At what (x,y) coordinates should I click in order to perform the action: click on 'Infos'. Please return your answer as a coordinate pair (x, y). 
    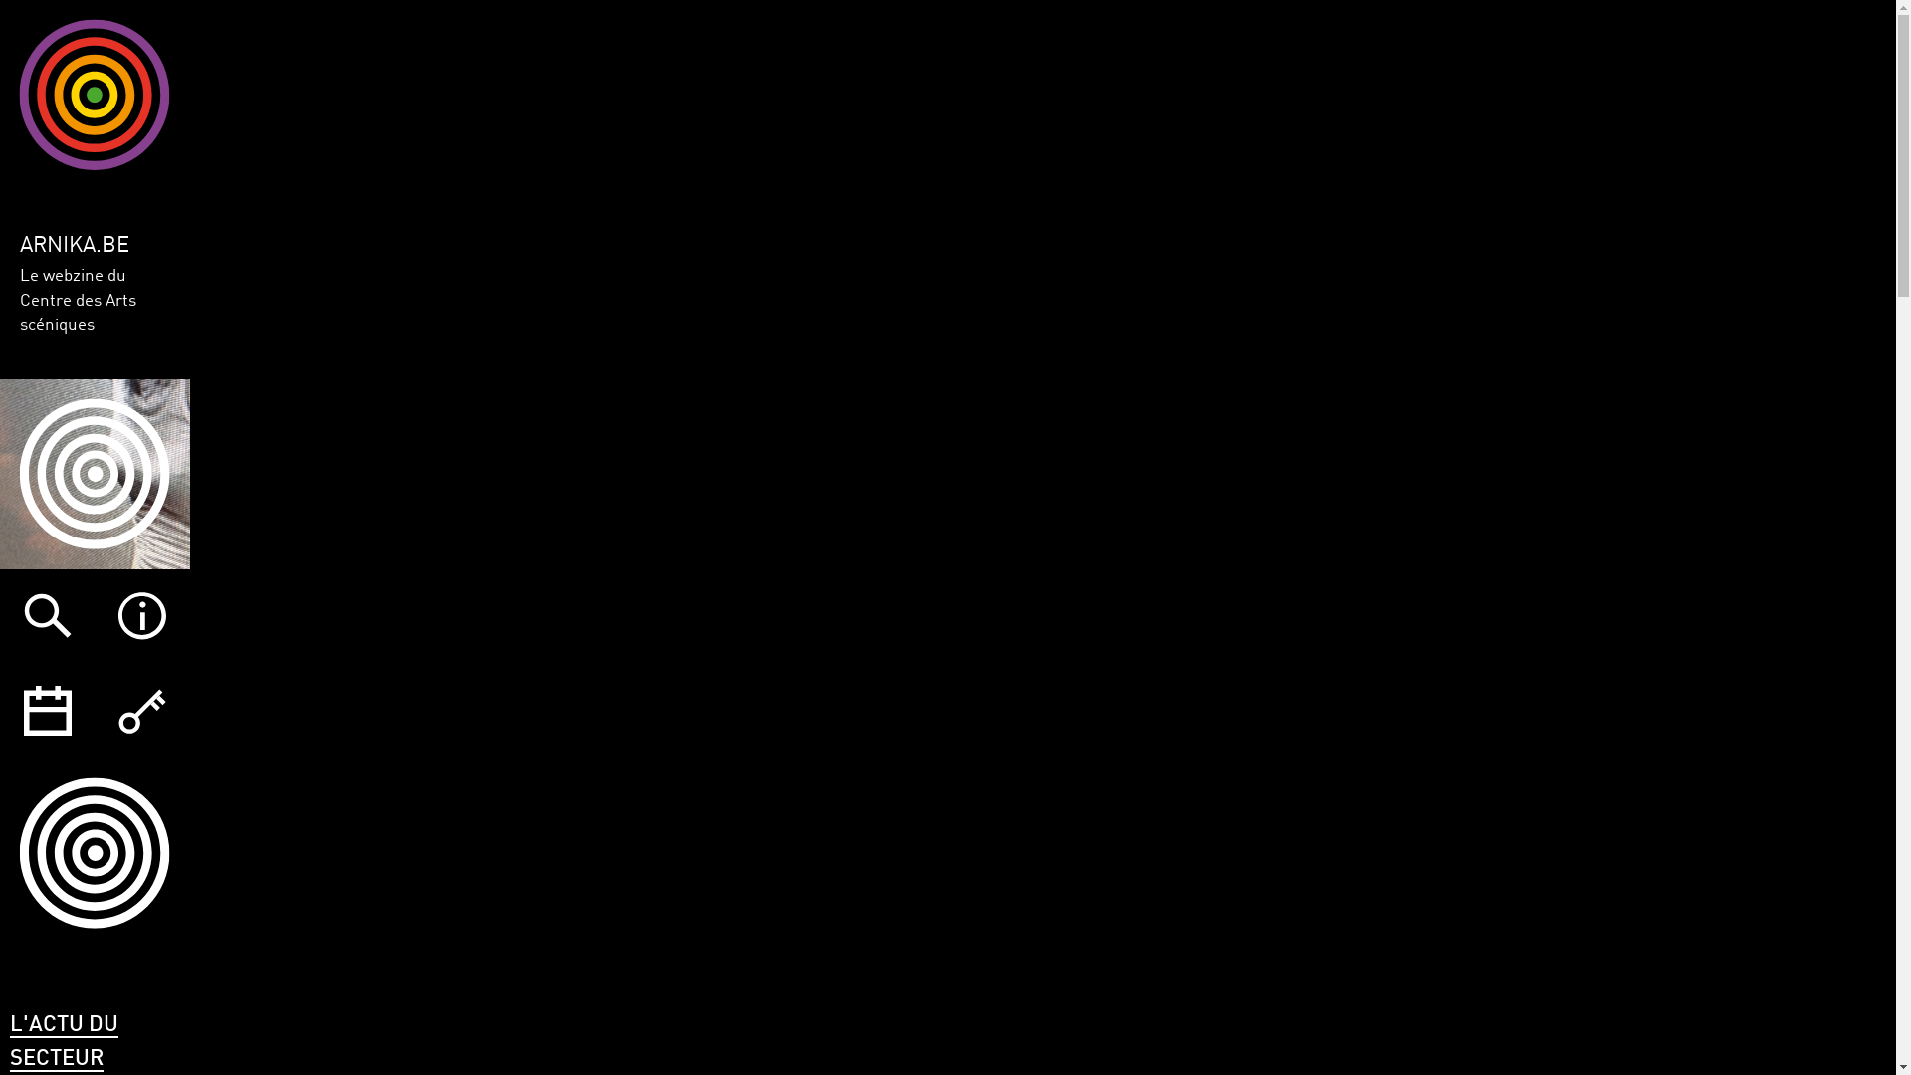
    Looking at the image, I should click on (94, 615).